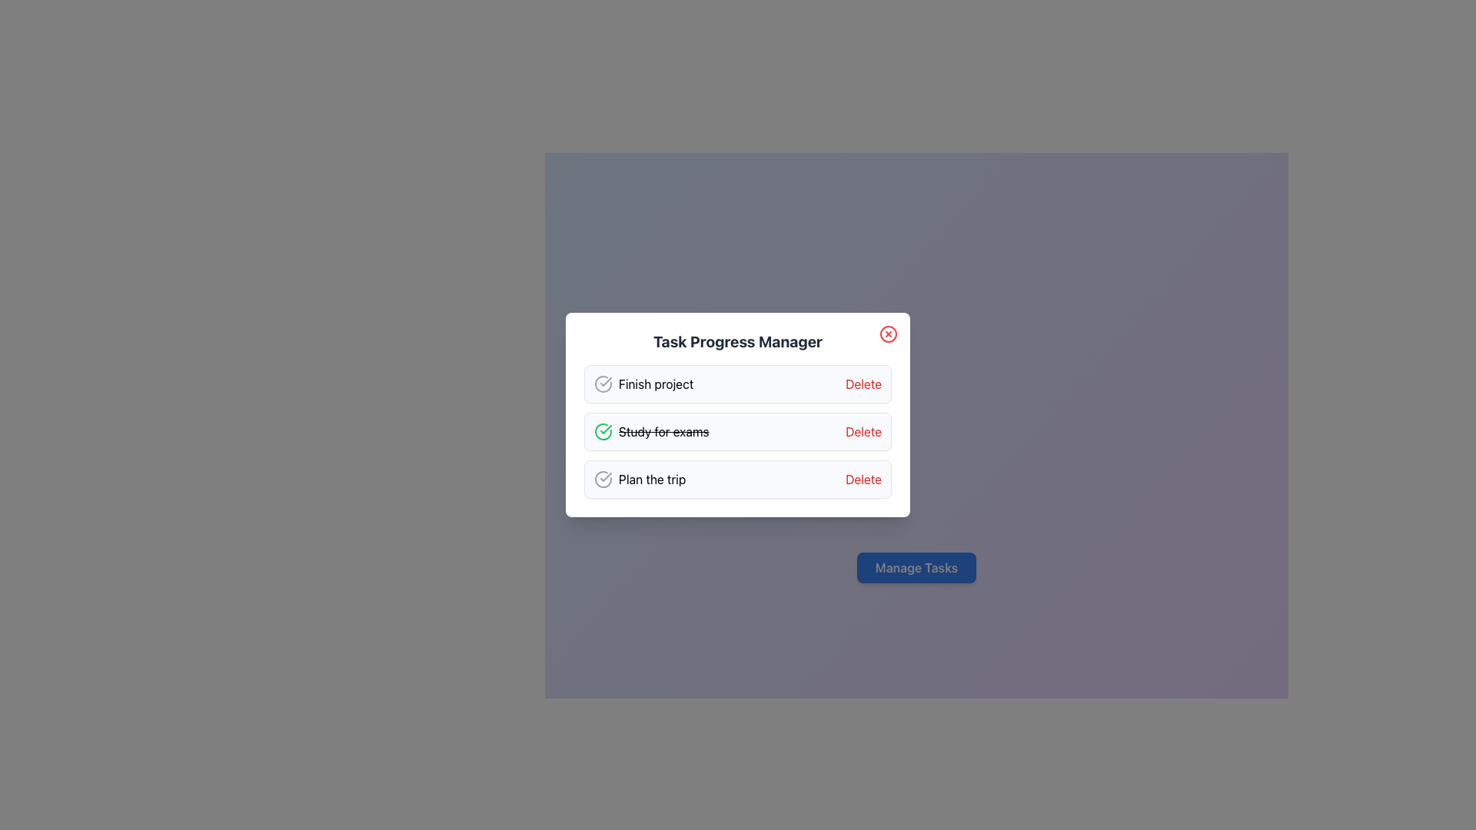 The height and width of the screenshot is (830, 1476). Describe the element at coordinates (652, 479) in the screenshot. I see `the text label that describes the task 'Plan the trip' in the Task Progress Manager dialog box, which is the third entry in the task list` at that location.